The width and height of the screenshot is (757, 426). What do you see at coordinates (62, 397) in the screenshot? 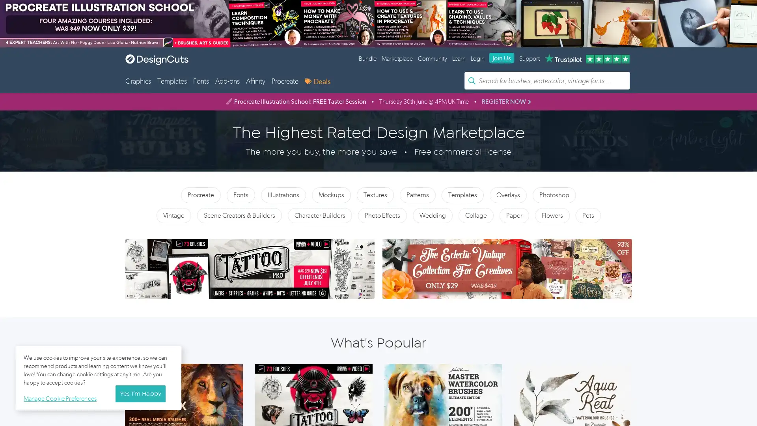
I see `Manage Cookie Preferences` at bounding box center [62, 397].